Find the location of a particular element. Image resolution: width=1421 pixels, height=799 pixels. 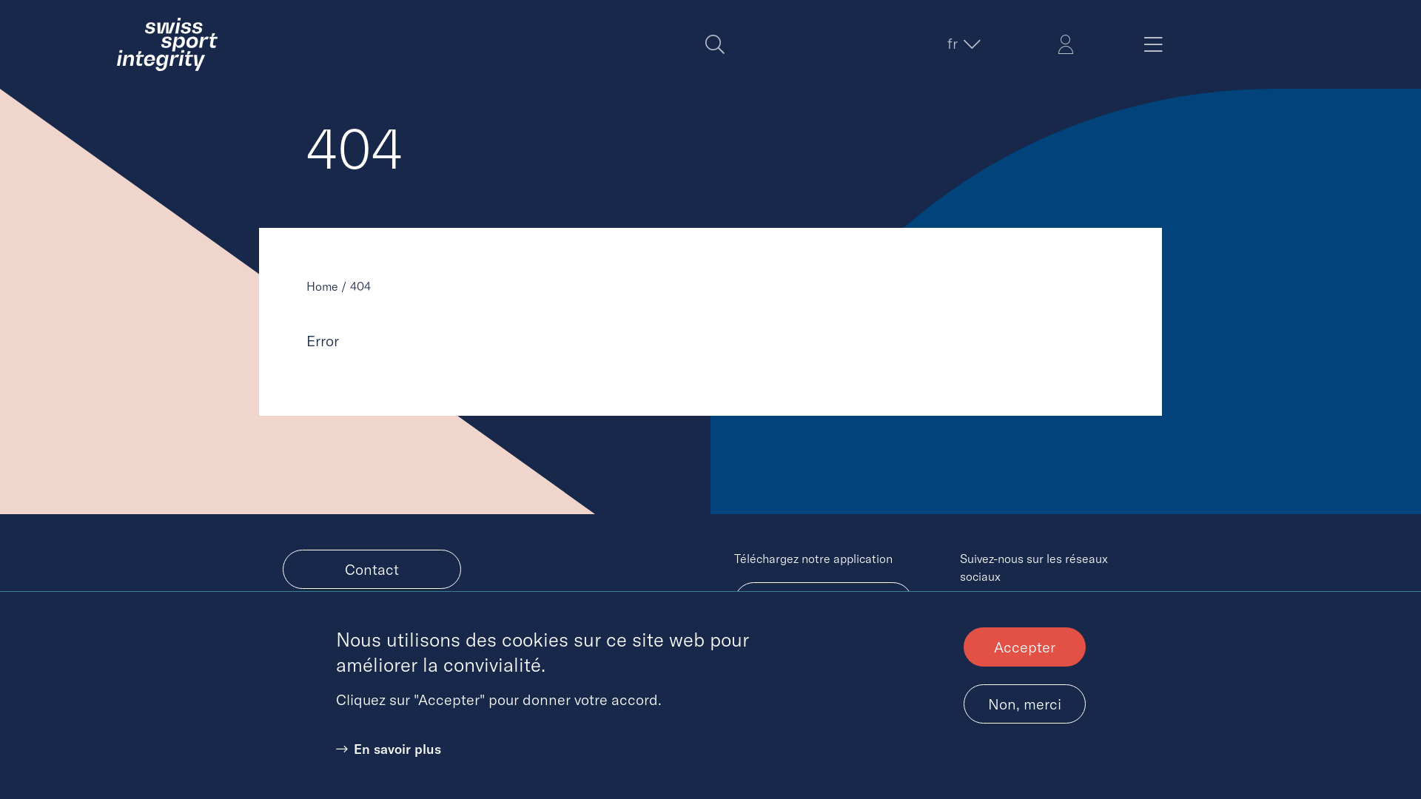

'Twitter' is located at coordinates (974, 614).